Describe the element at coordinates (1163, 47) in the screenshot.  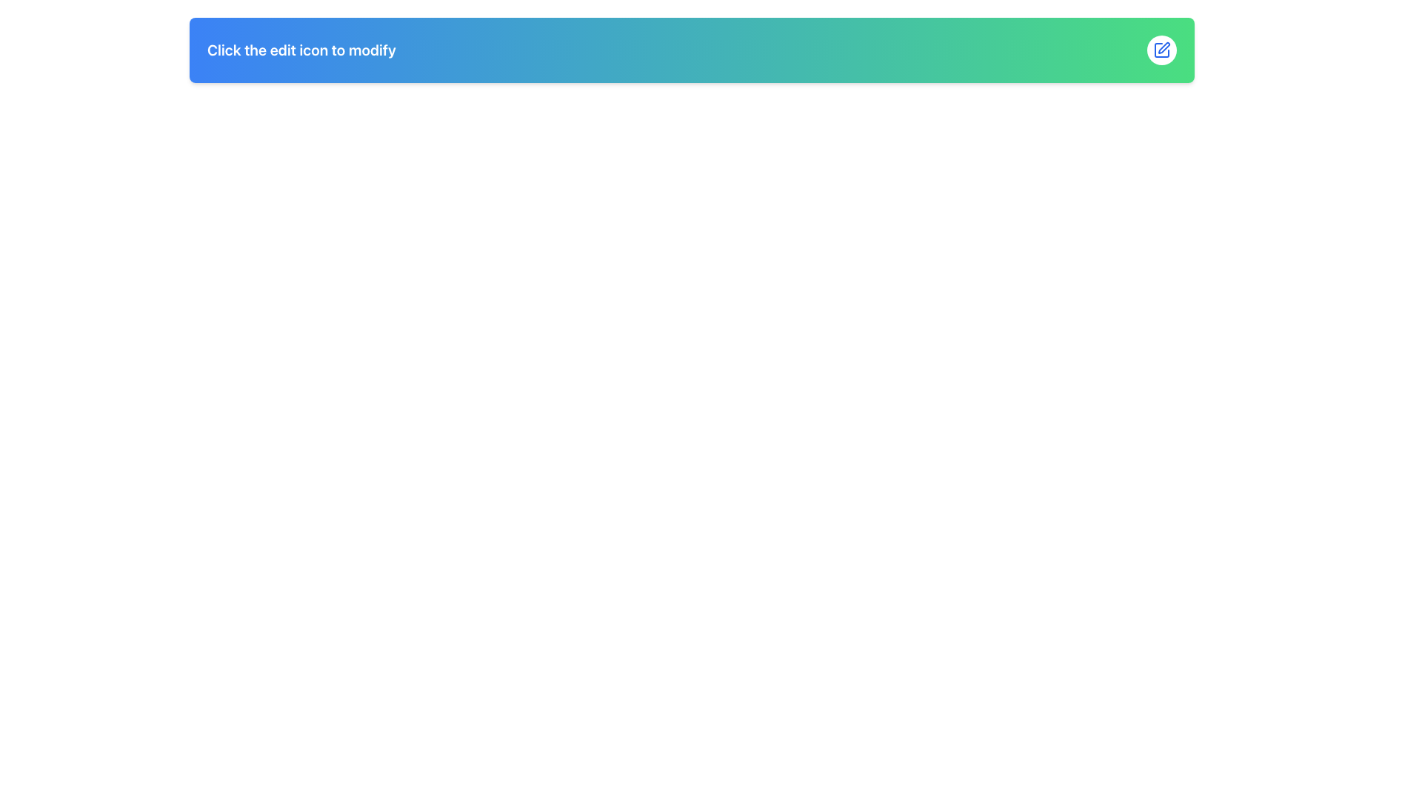
I see `the editing or drawing icon located in the top-right corner of the interface, styled with blue tones and resembling a pen or tool` at that location.